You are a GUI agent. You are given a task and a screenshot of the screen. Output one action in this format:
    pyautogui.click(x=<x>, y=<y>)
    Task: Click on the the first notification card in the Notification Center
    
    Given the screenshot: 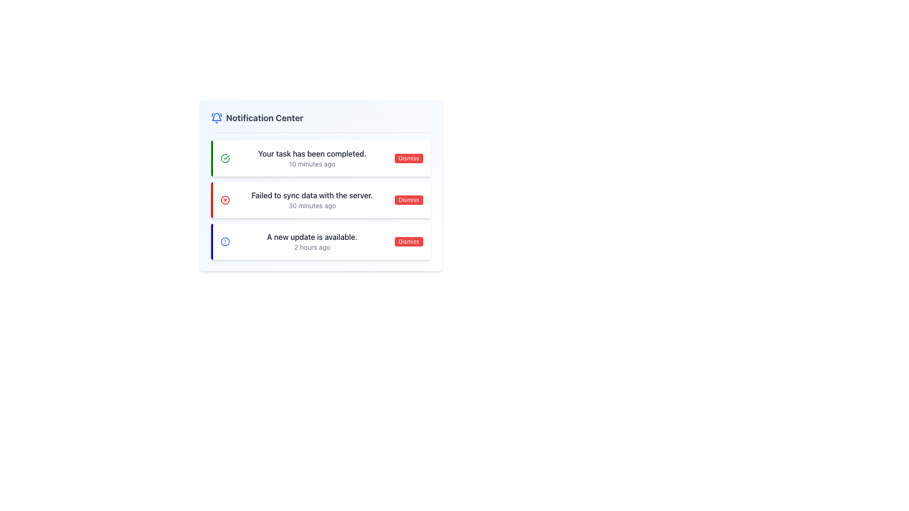 What is the action you would take?
    pyautogui.click(x=321, y=158)
    